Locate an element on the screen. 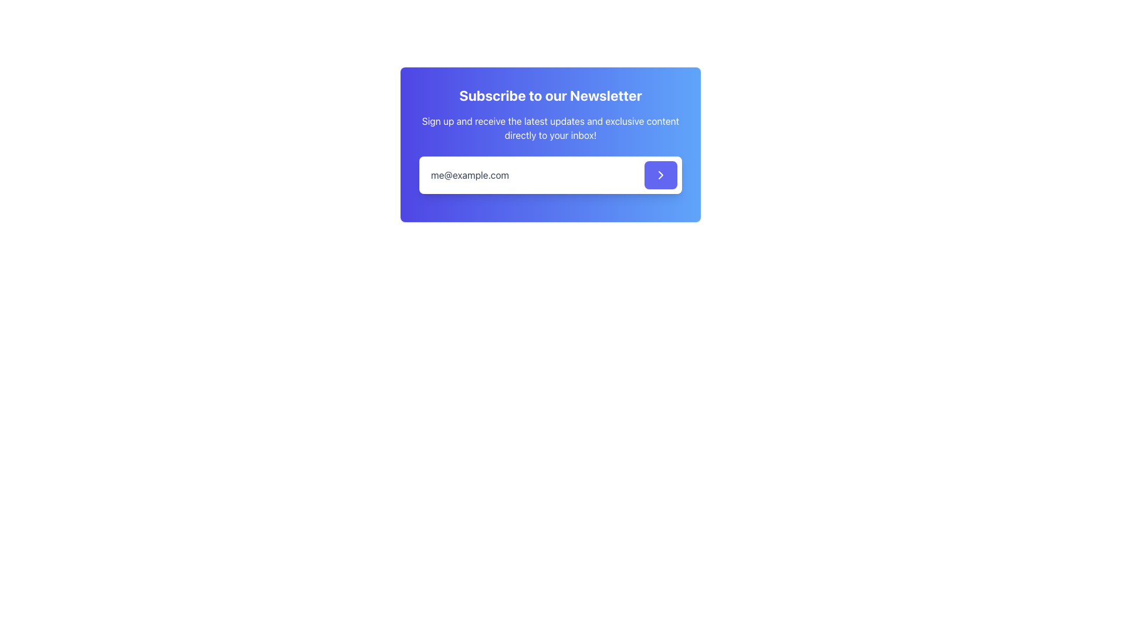 Image resolution: width=1126 pixels, height=633 pixels. the chevron icon located at the center of the purple circular button, which indicates the action of submitting or proceeding is located at coordinates (661, 175).